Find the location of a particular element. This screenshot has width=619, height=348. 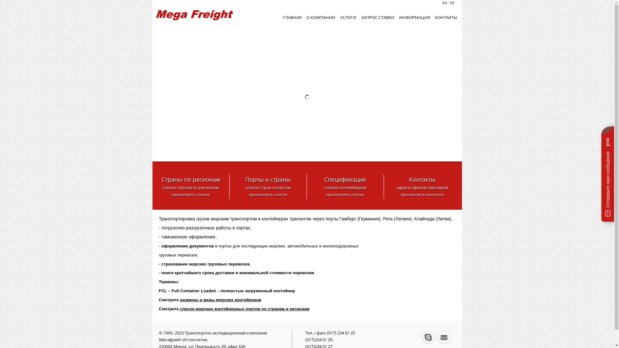

'DE' is located at coordinates (448, 3).